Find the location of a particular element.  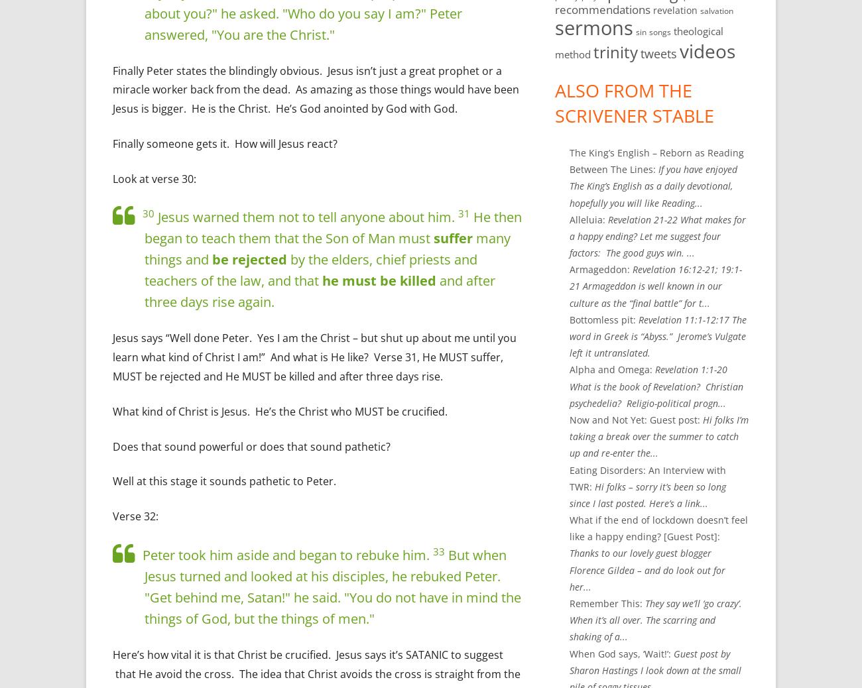

'Alleluia' is located at coordinates (585, 219).